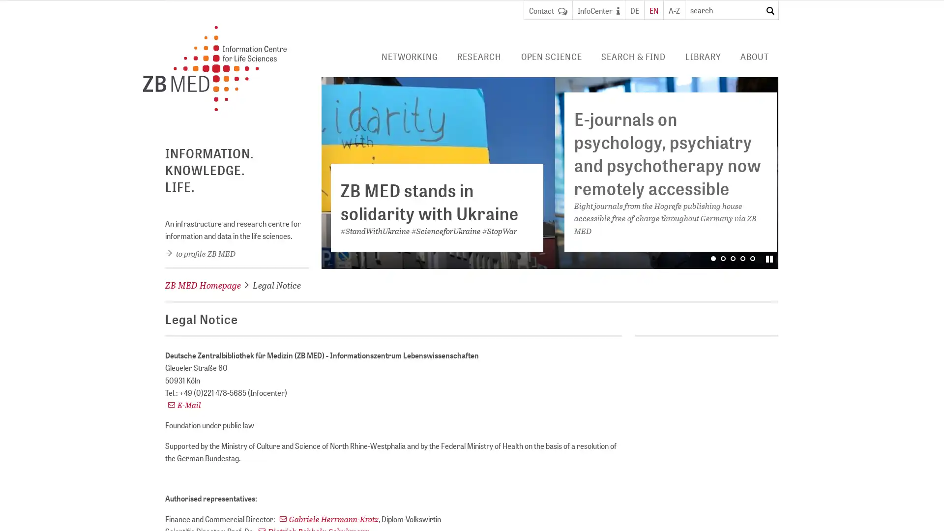 Image resolution: width=944 pixels, height=531 pixels. I want to click on Next, so click(765, 172).